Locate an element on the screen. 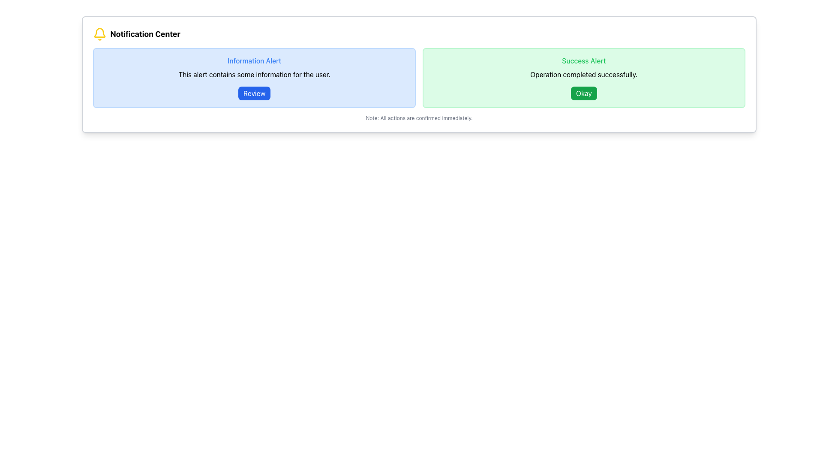  the 'Okay' button with a green background in the 'Success Alert' box is located at coordinates (583, 93).